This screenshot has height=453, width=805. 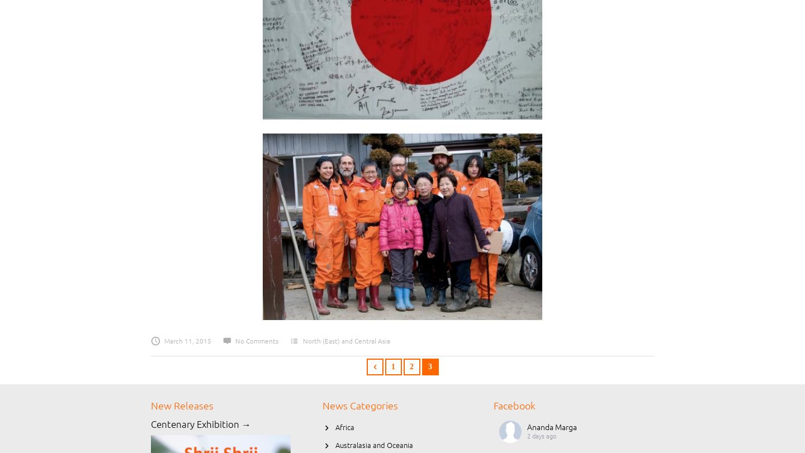 I want to click on 'Facebook', so click(x=514, y=405).